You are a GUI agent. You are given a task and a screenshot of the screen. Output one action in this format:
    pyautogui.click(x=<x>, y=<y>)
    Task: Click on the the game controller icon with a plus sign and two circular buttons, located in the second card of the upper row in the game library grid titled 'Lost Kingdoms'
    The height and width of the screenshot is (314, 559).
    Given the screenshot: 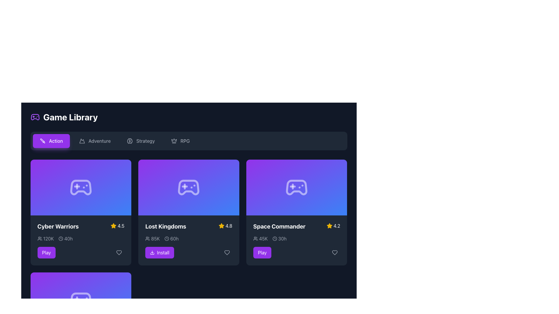 What is the action you would take?
    pyautogui.click(x=189, y=187)
    